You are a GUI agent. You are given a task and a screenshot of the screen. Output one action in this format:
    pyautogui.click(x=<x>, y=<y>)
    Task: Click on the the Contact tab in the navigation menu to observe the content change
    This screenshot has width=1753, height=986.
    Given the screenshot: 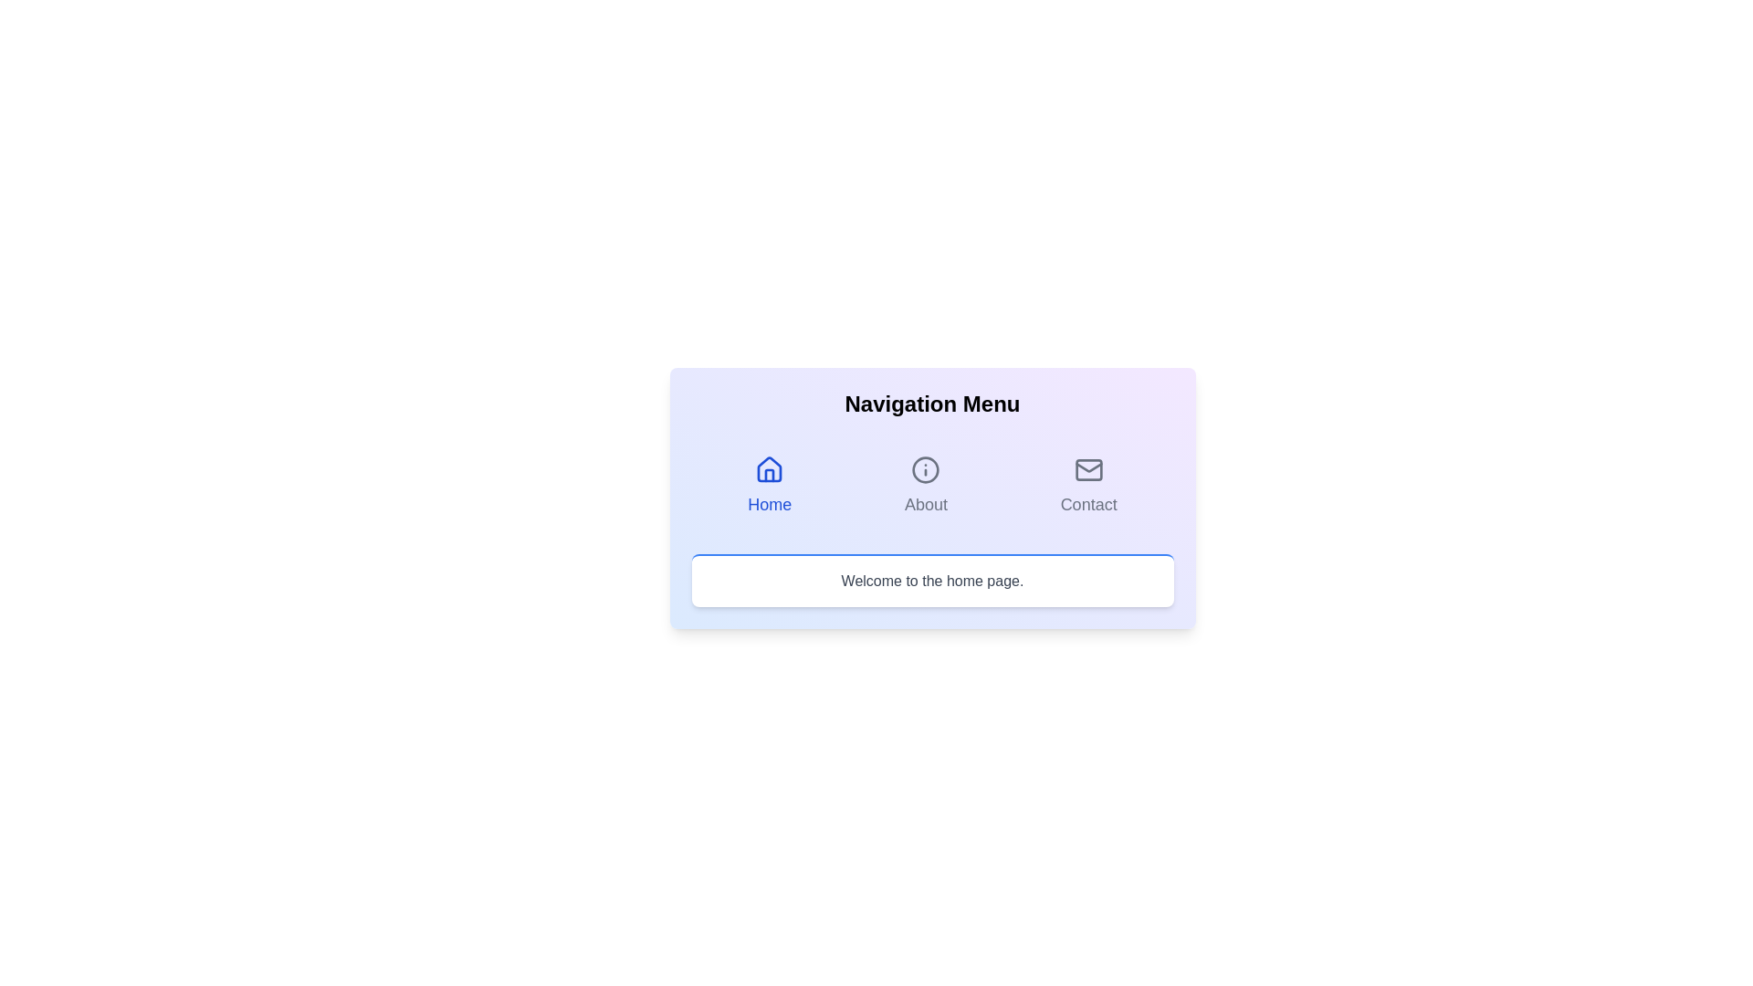 What is the action you would take?
    pyautogui.click(x=1087, y=485)
    